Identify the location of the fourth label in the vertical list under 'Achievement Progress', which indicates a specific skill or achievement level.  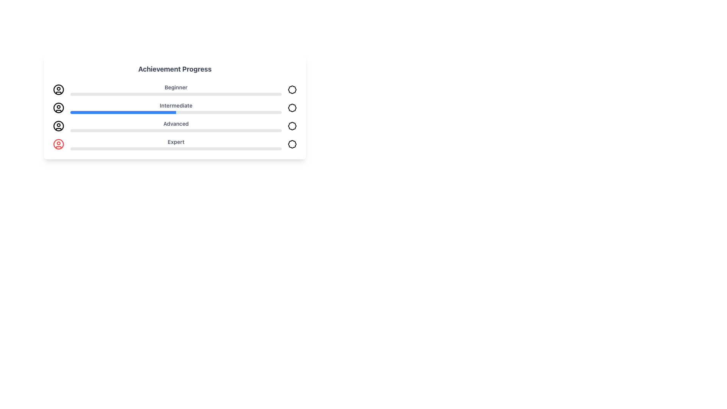
(176, 144).